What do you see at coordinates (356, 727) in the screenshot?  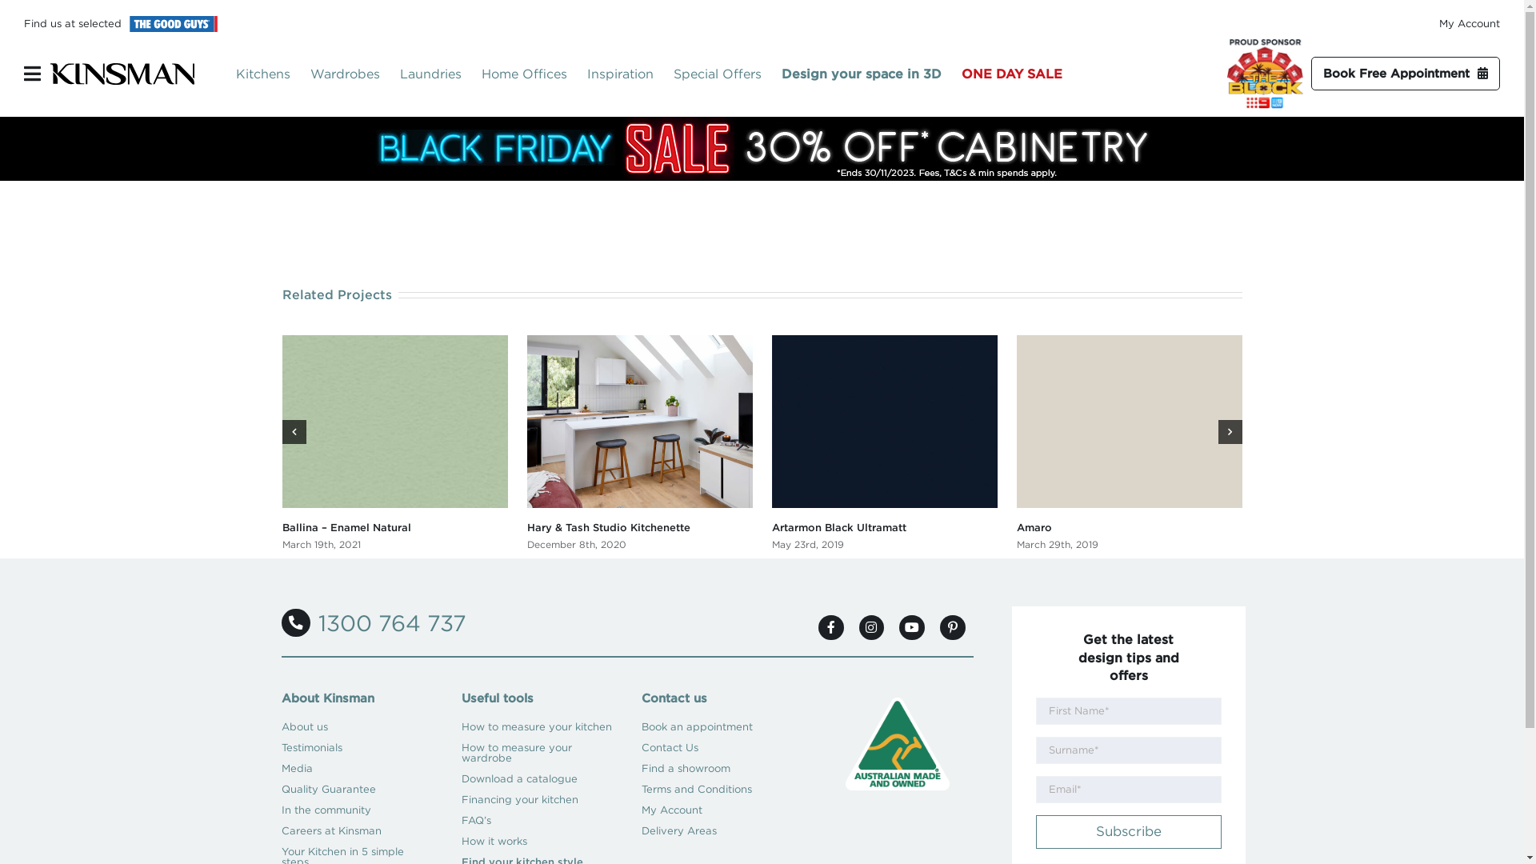 I see `'About us'` at bounding box center [356, 727].